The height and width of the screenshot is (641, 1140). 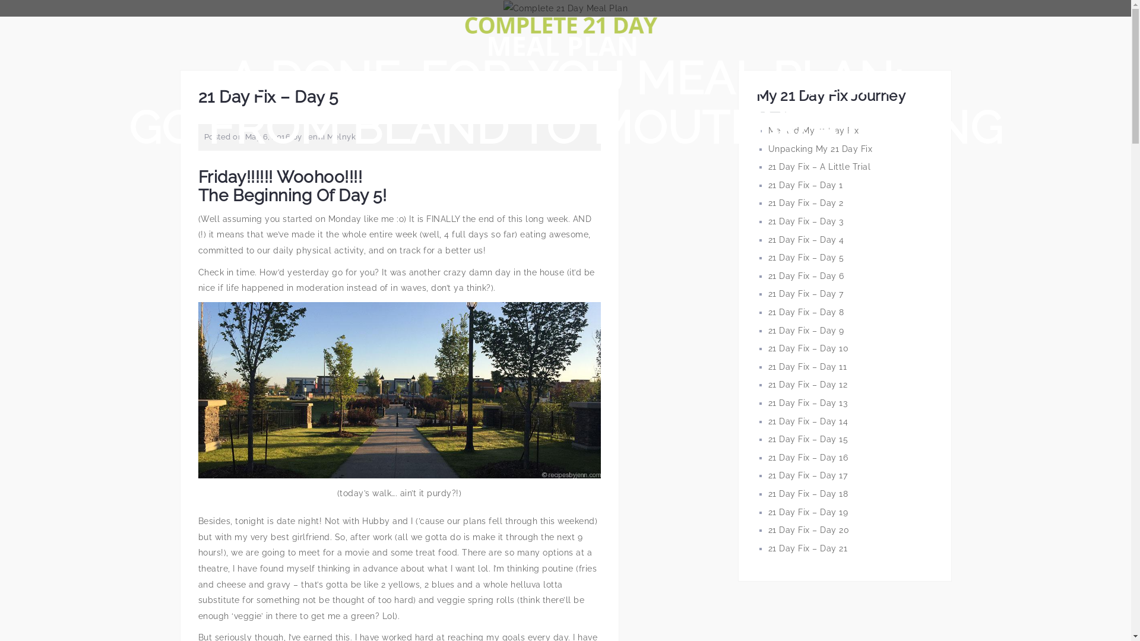 I want to click on 'Unpacking My 21 Day Fix', so click(x=820, y=148).